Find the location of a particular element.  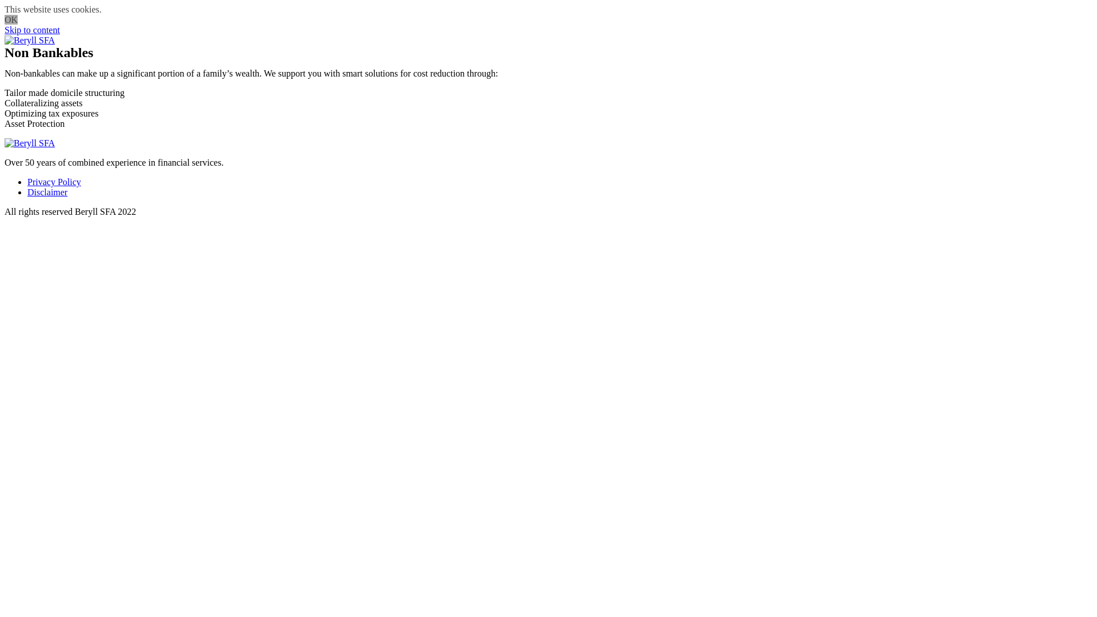

'Disclaimer' is located at coordinates (46, 191).